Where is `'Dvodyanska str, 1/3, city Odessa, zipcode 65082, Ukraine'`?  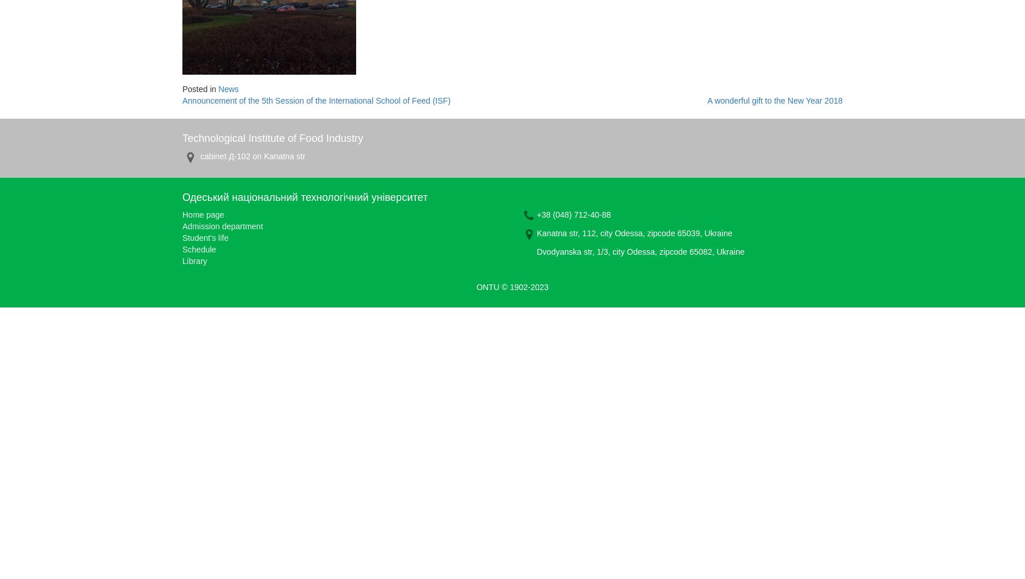
'Dvodyanska str, 1/3, city Odessa, zipcode 65082, Ukraine' is located at coordinates (536, 251).